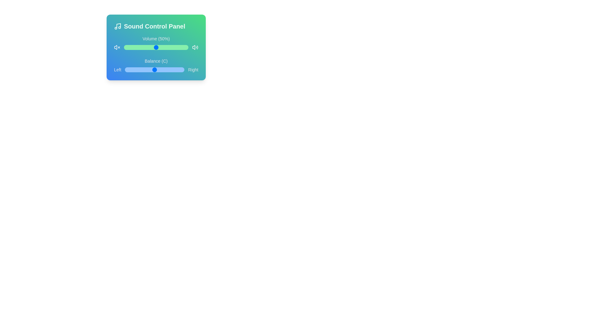  I want to click on the speaker icon button located to the left of the 'Volume (50%)' slider, so click(116, 47).